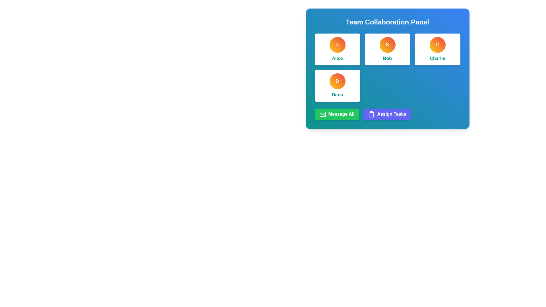 The height and width of the screenshot is (307, 546). Describe the element at coordinates (387, 114) in the screenshot. I see `the second button in the horizontal layout at the bottom of the 'Team Collaboration Panel' card to initiate the task assignment functionality` at that location.